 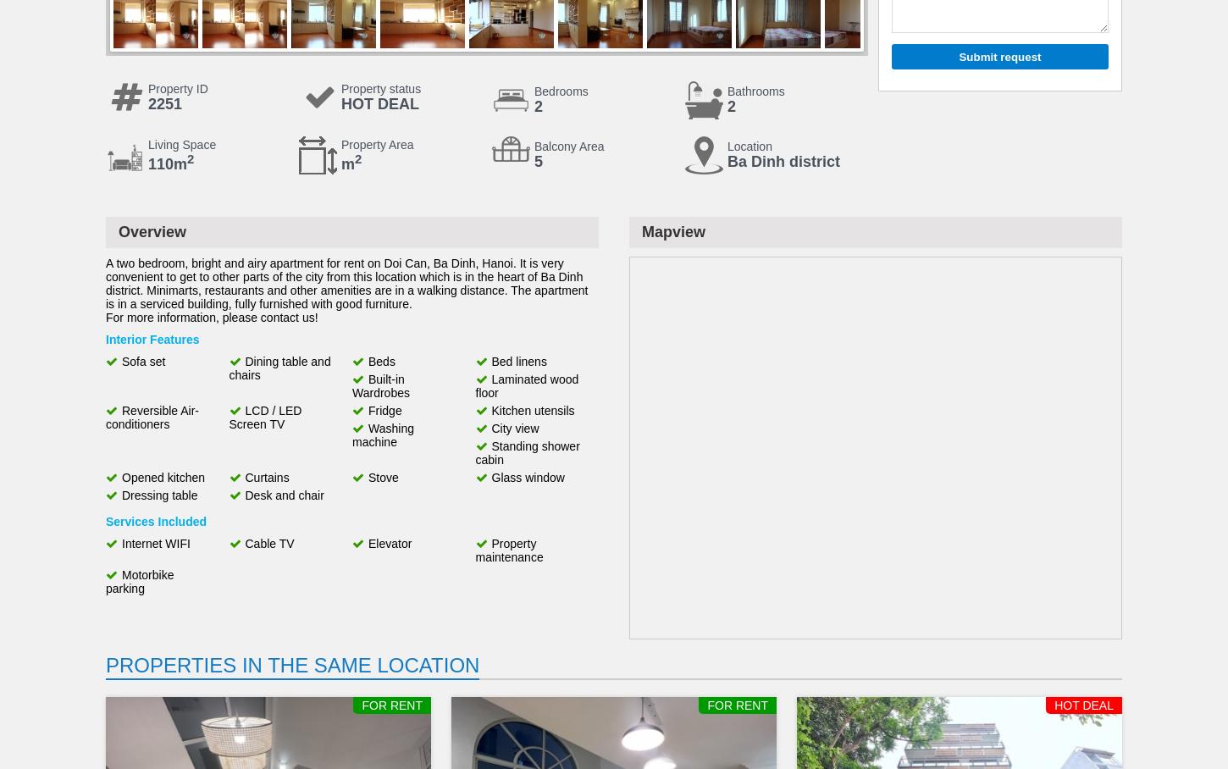 What do you see at coordinates (526, 384) in the screenshot?
I see `'Laminated wood floor'` at bounding box center [526, 384].